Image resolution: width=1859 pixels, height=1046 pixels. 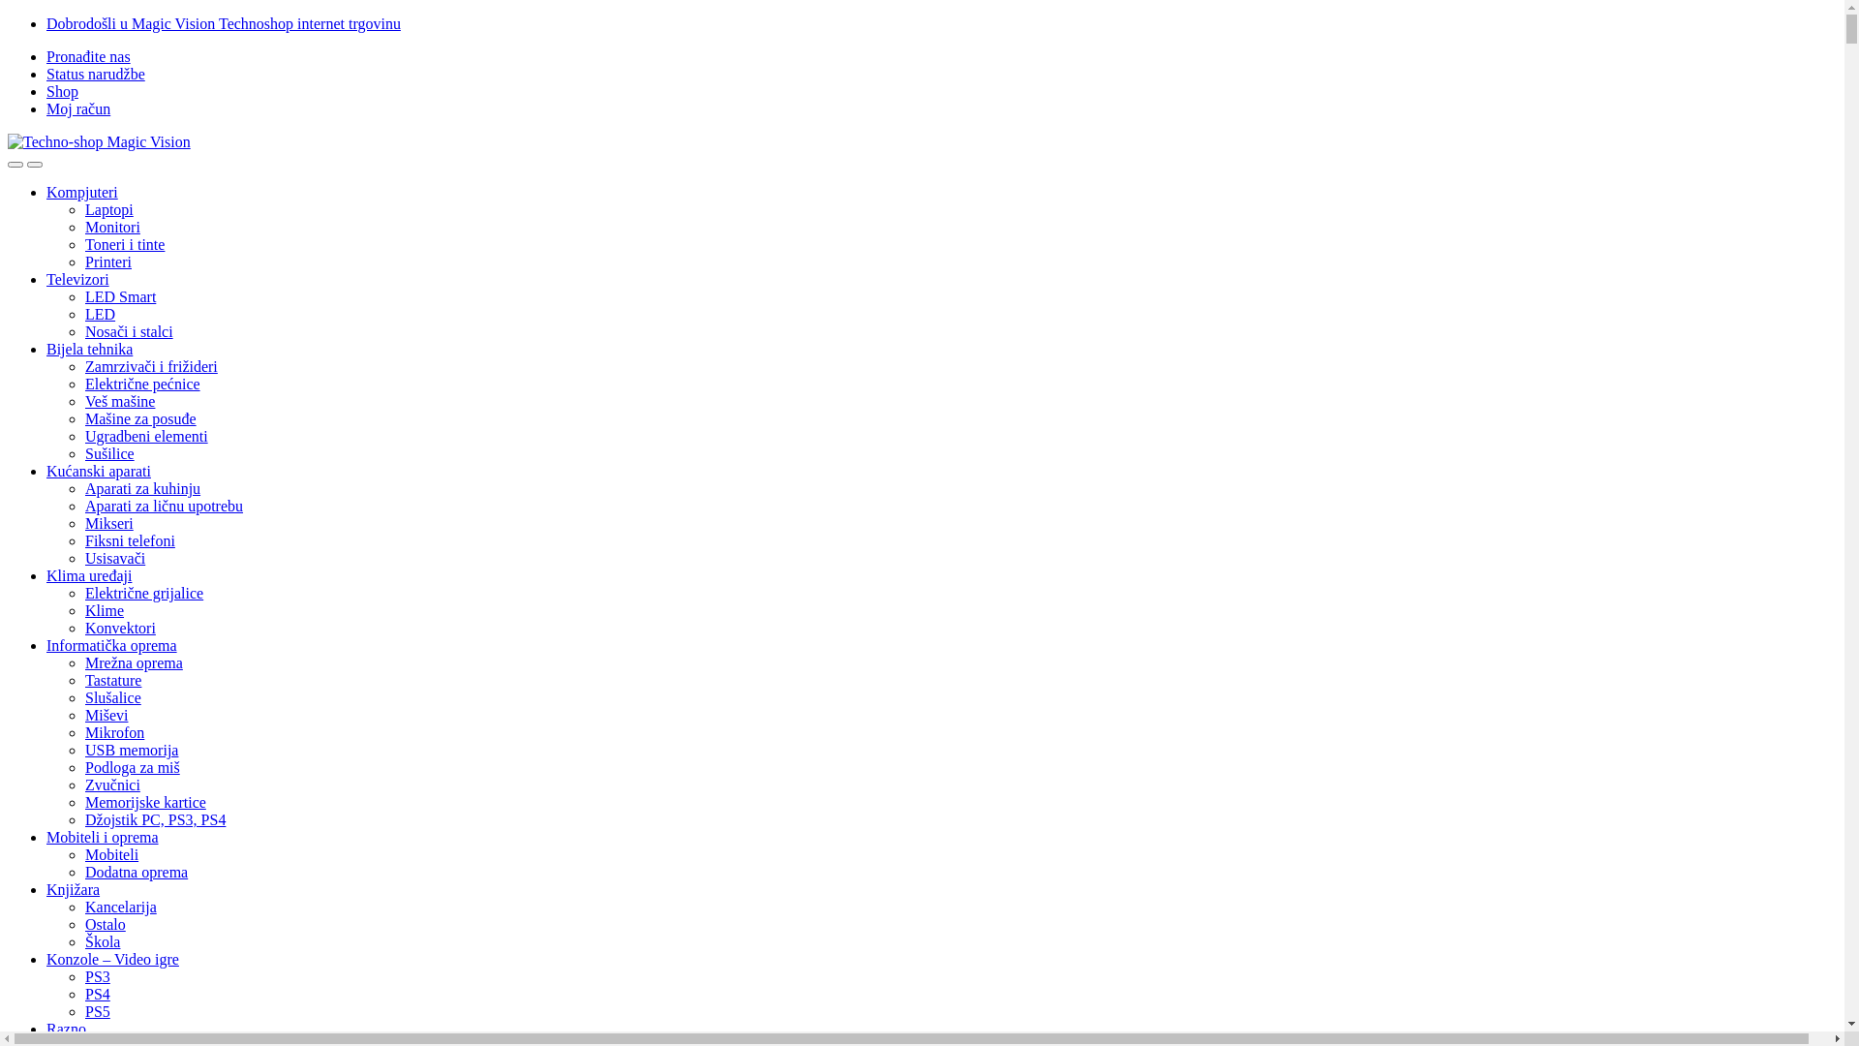 I want to click on 'Klime', so click(x=103, y=610).